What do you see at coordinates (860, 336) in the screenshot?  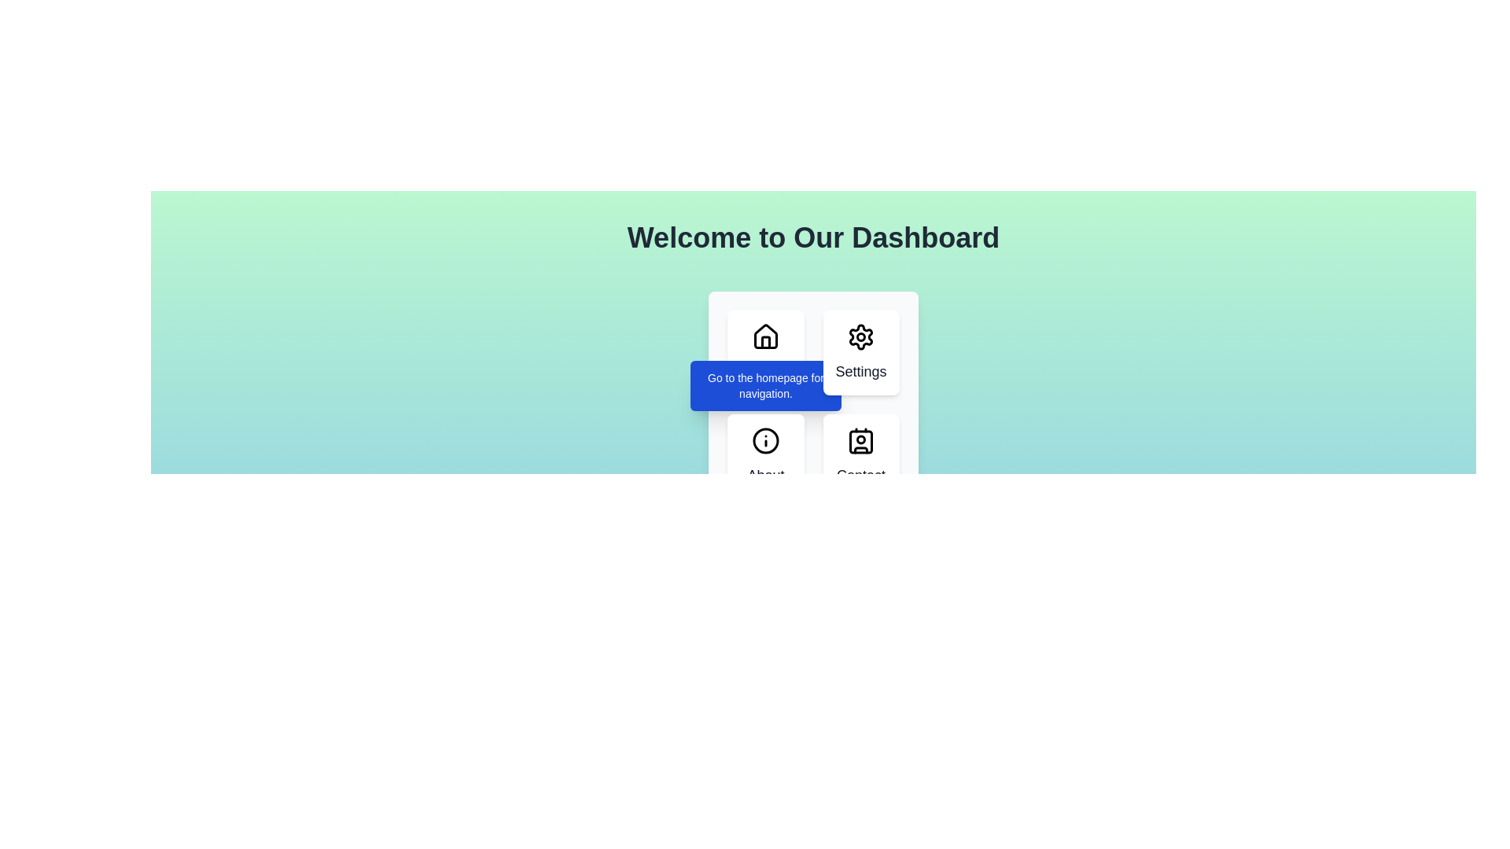 I see `the settings icon located at the top-center of the 'Settings' card` at bounding box center [860, 336].